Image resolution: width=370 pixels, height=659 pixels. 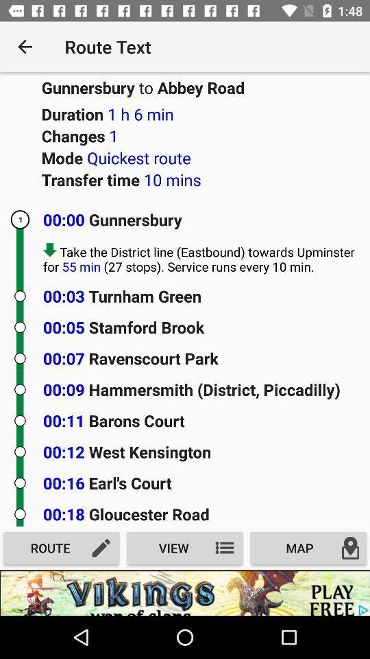 What do you see at coordinates (185, 548) in the screenshot?
I see `view` at bounding box center [185, 548].